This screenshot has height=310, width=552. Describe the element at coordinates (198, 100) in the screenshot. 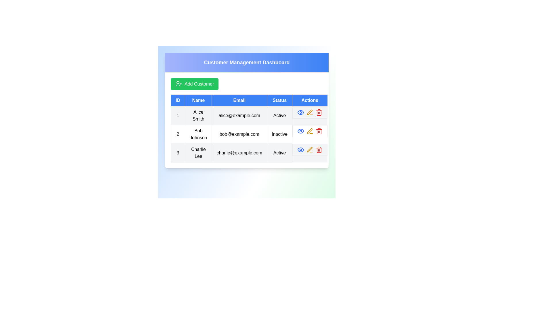

I see `the column header Name to sort the data` at that location.